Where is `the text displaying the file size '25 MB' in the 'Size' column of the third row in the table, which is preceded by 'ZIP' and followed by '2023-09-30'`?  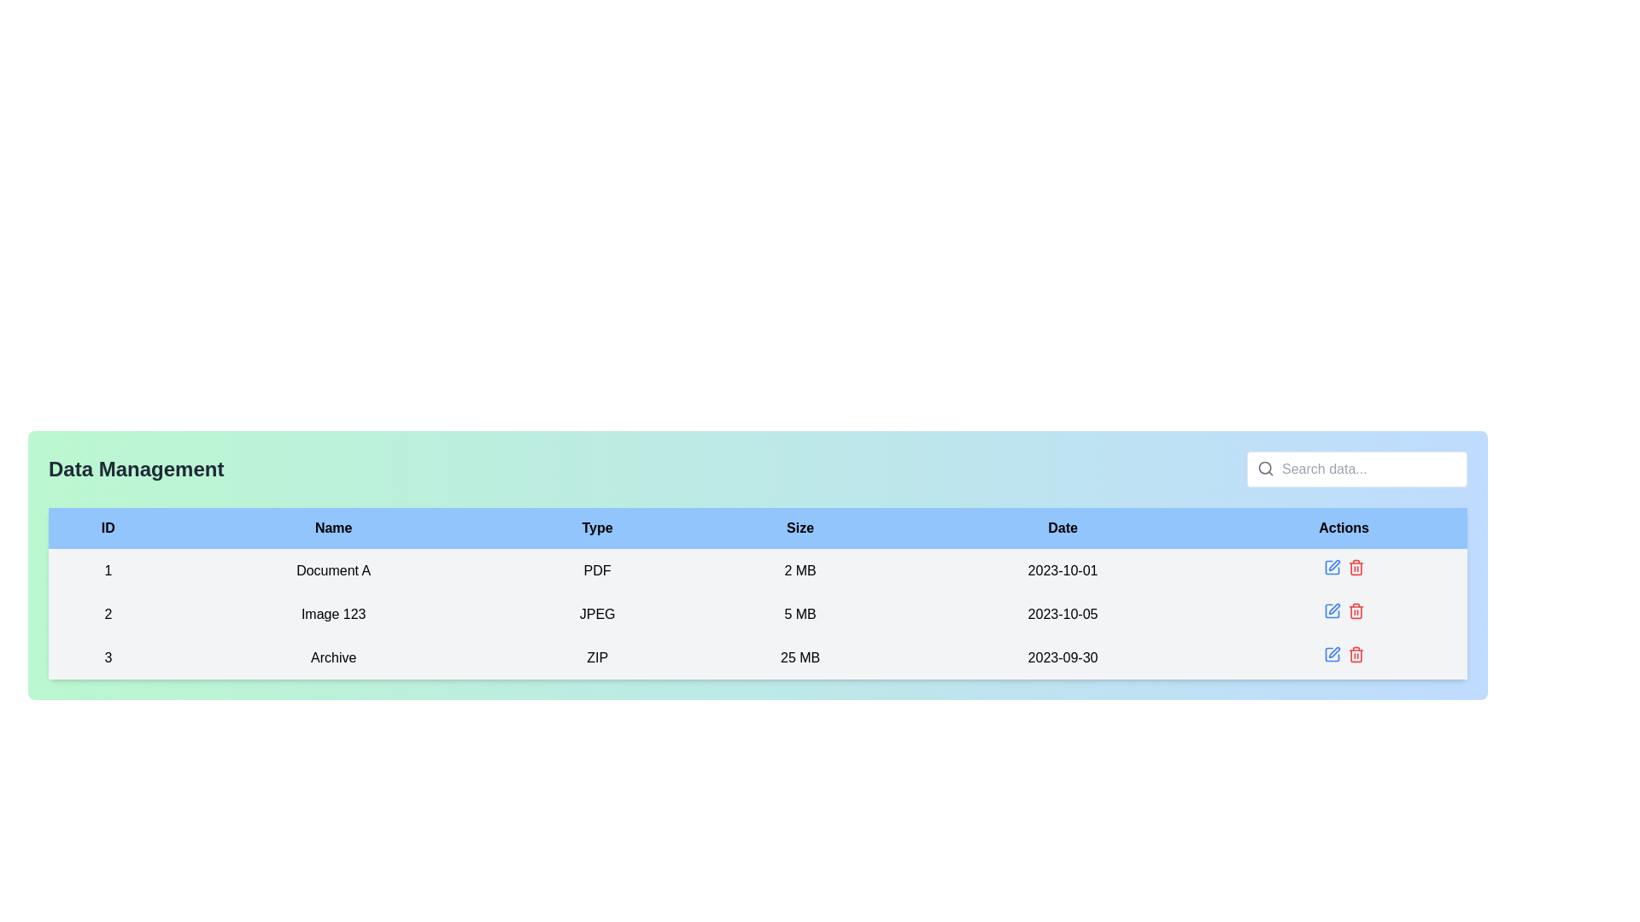
the text displaying the file size '25 MB' in the 'Size' column of the third row in the table, which is preceded by 'ZIP' and followed by '2023-09-30' is located at coordinates (799, 656).